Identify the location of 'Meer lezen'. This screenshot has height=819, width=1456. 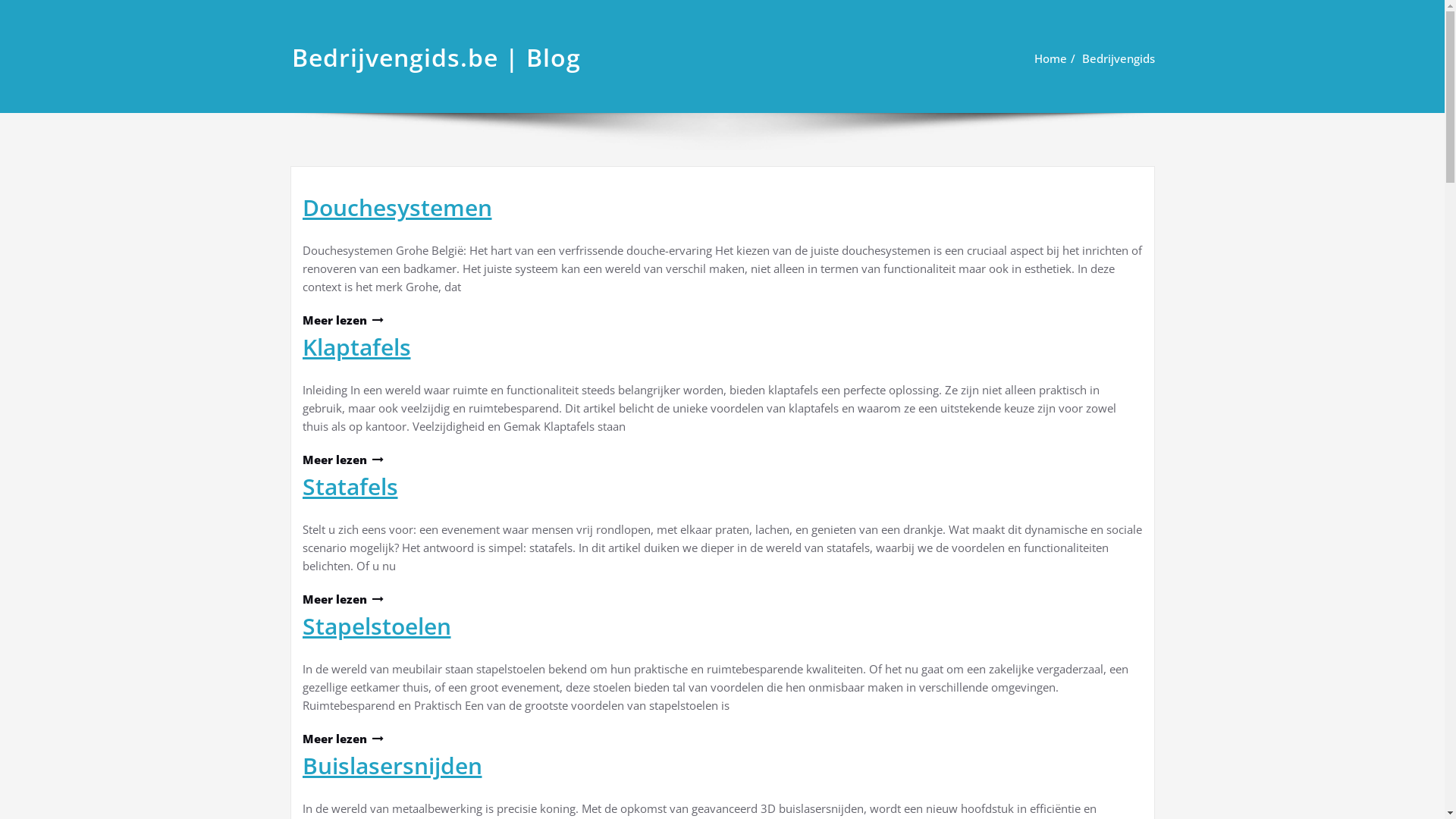
(341, 318).